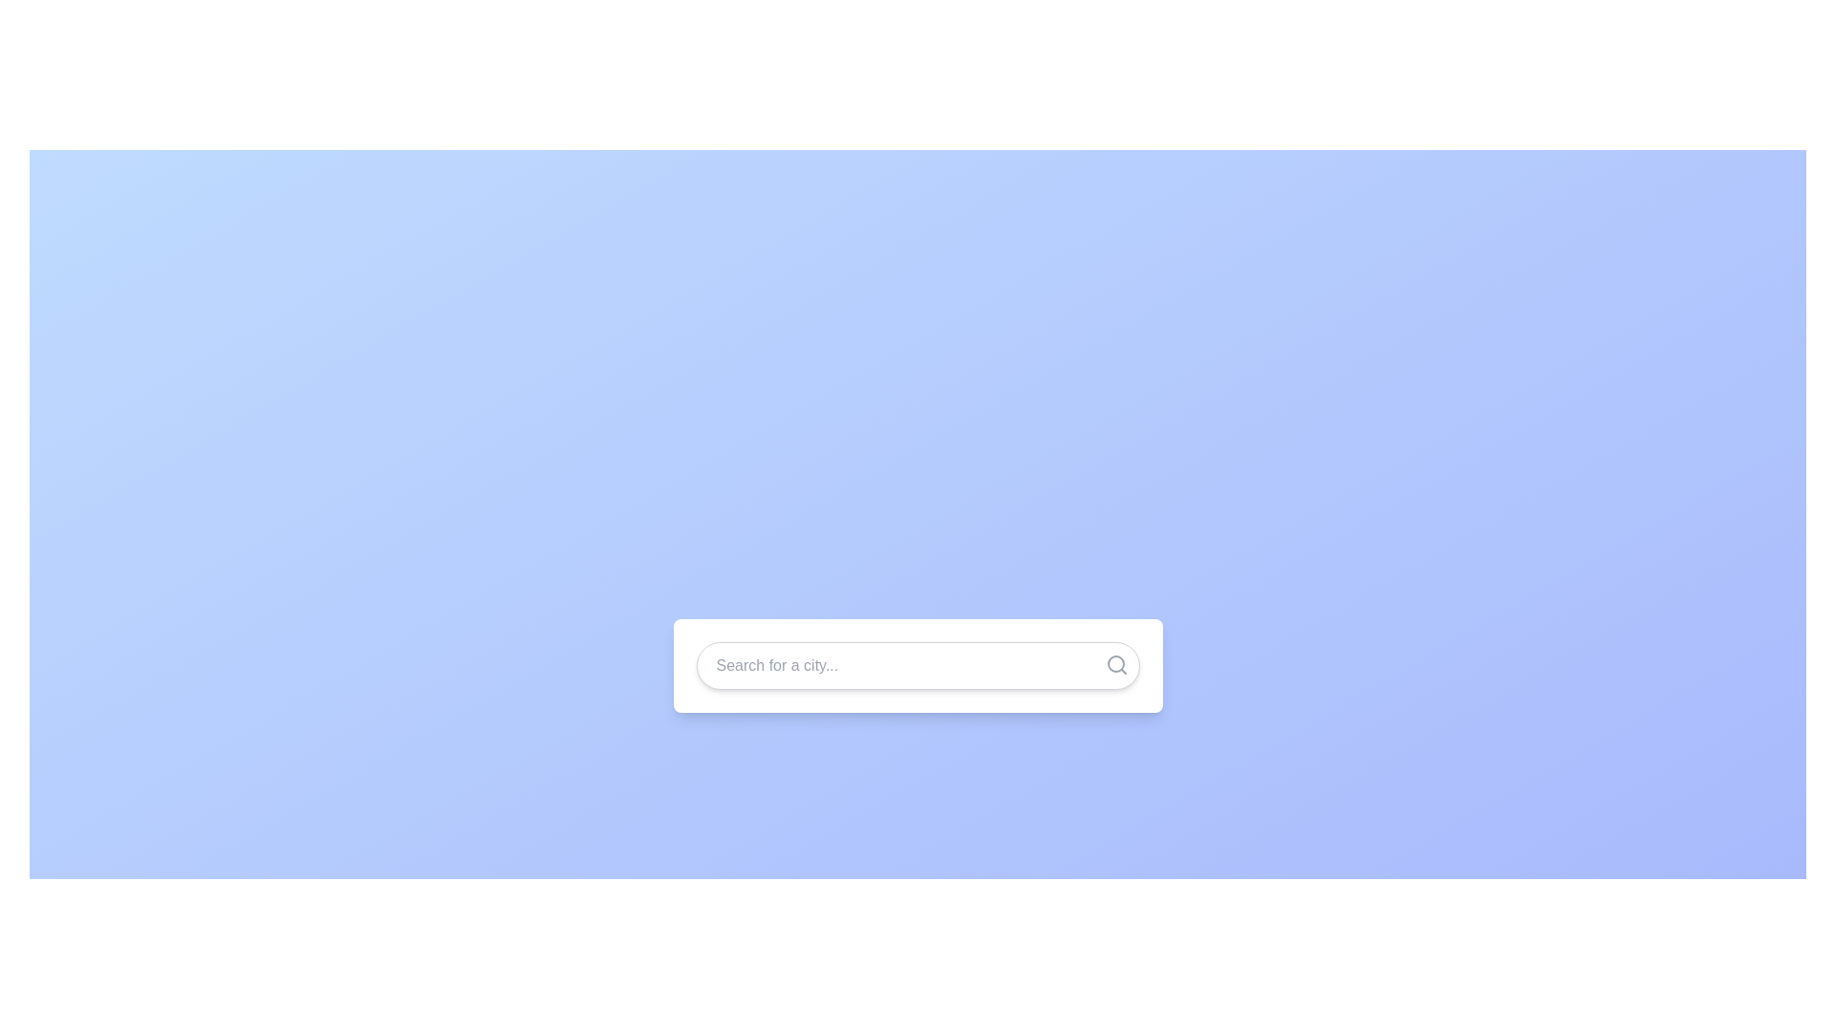  What do you see at coordinates (1115, 662) in the screenshot?
I see `the circular magnifying glass icon located within the search button at the end of the search input box` at bounding box center [1115, 662].